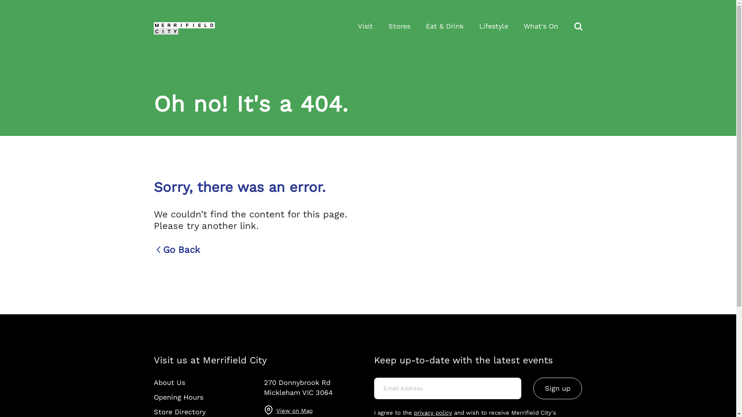  I want to click on 'Lifestyle', so click(493, 26).